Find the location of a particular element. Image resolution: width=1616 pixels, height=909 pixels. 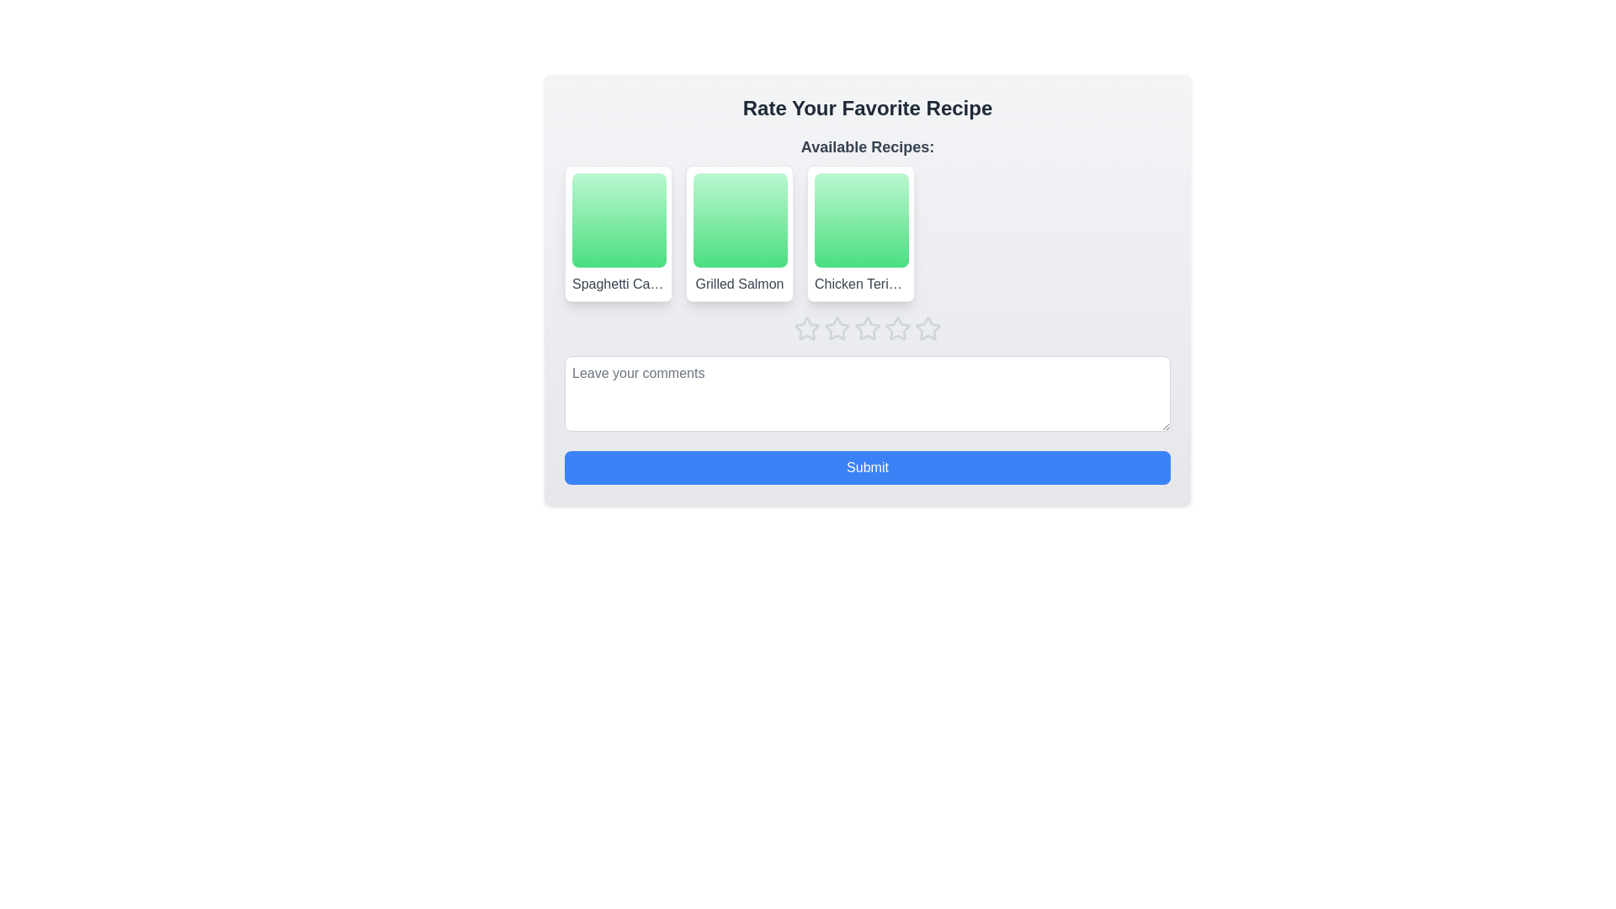

the 'Submit' button with rounded edges and a blue background is located at coordinates (868, 467).